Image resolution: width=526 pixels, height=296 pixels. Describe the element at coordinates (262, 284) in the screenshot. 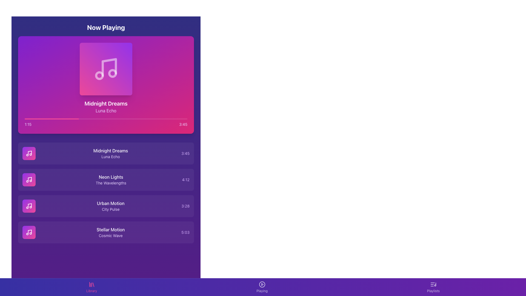

I see `the Circle SVG element within the play button icon located in the bottom navigation bar, which represents the 'Playing' feature` at that location.